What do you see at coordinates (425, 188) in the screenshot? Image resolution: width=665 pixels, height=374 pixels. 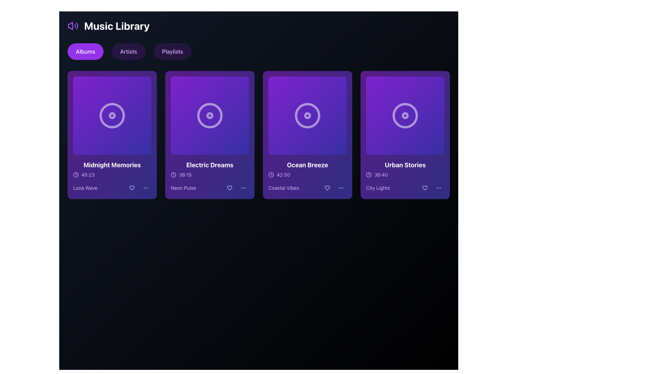 I see `the heart-shaped icon in the bottom-right corner of the 'Urban Stories' card to mark the item as favorite` at bounding box center [425, 188].